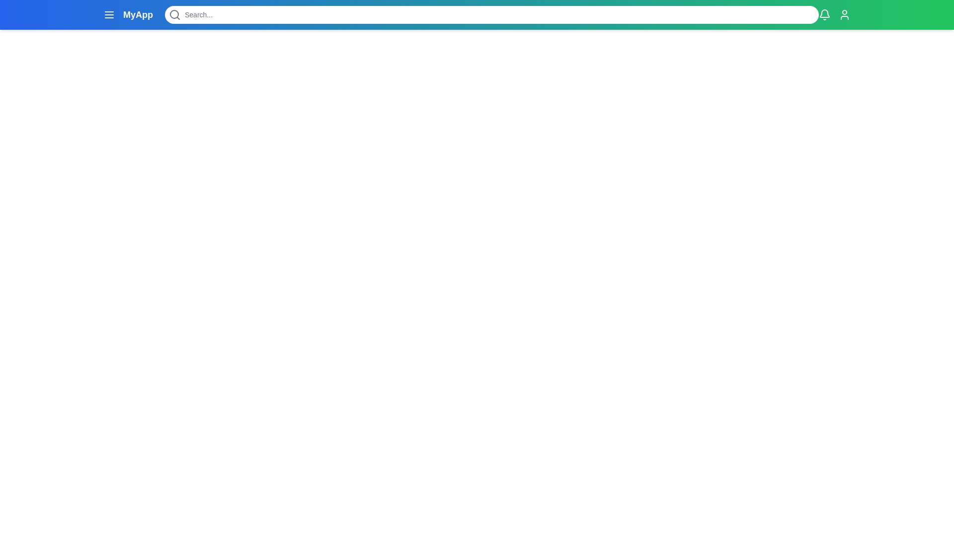 This screenshot has height=536, width=954. I want to click on the magnifying glass icon located at the start of the search bar, so click(174, 15).